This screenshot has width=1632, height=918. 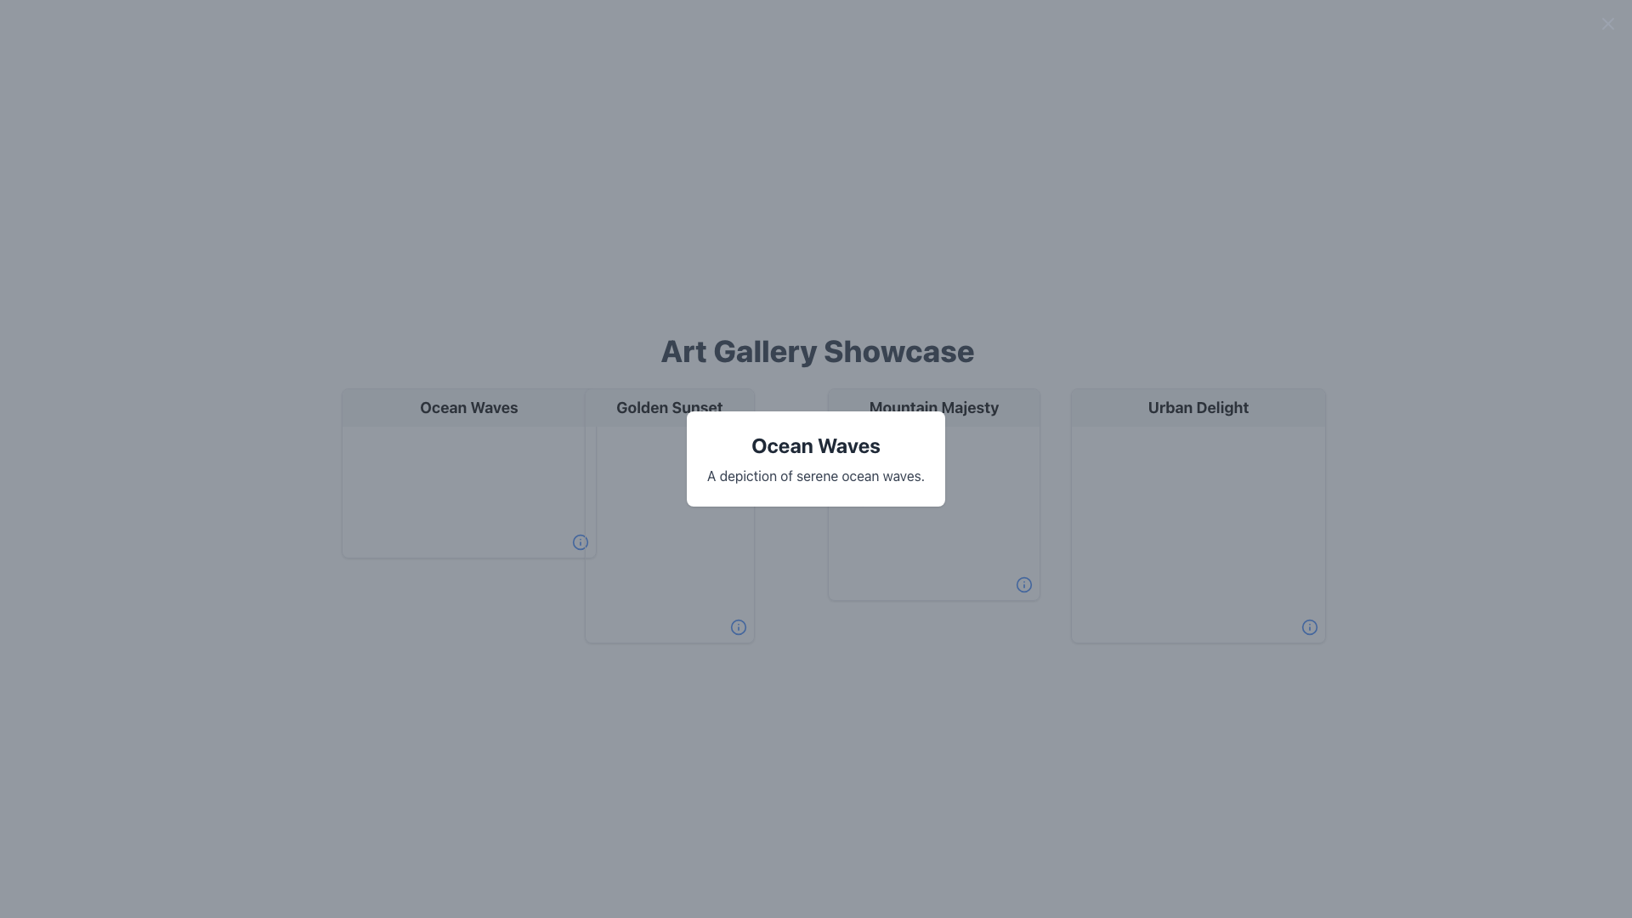 What do you see at coordinates (1023, 583) in the screenshot?
I see `the SVG Circle that serves as an information or help icon located in the bottom-right corner of the 'Mountain Majesty' card` at bounding box center [1023, 583].